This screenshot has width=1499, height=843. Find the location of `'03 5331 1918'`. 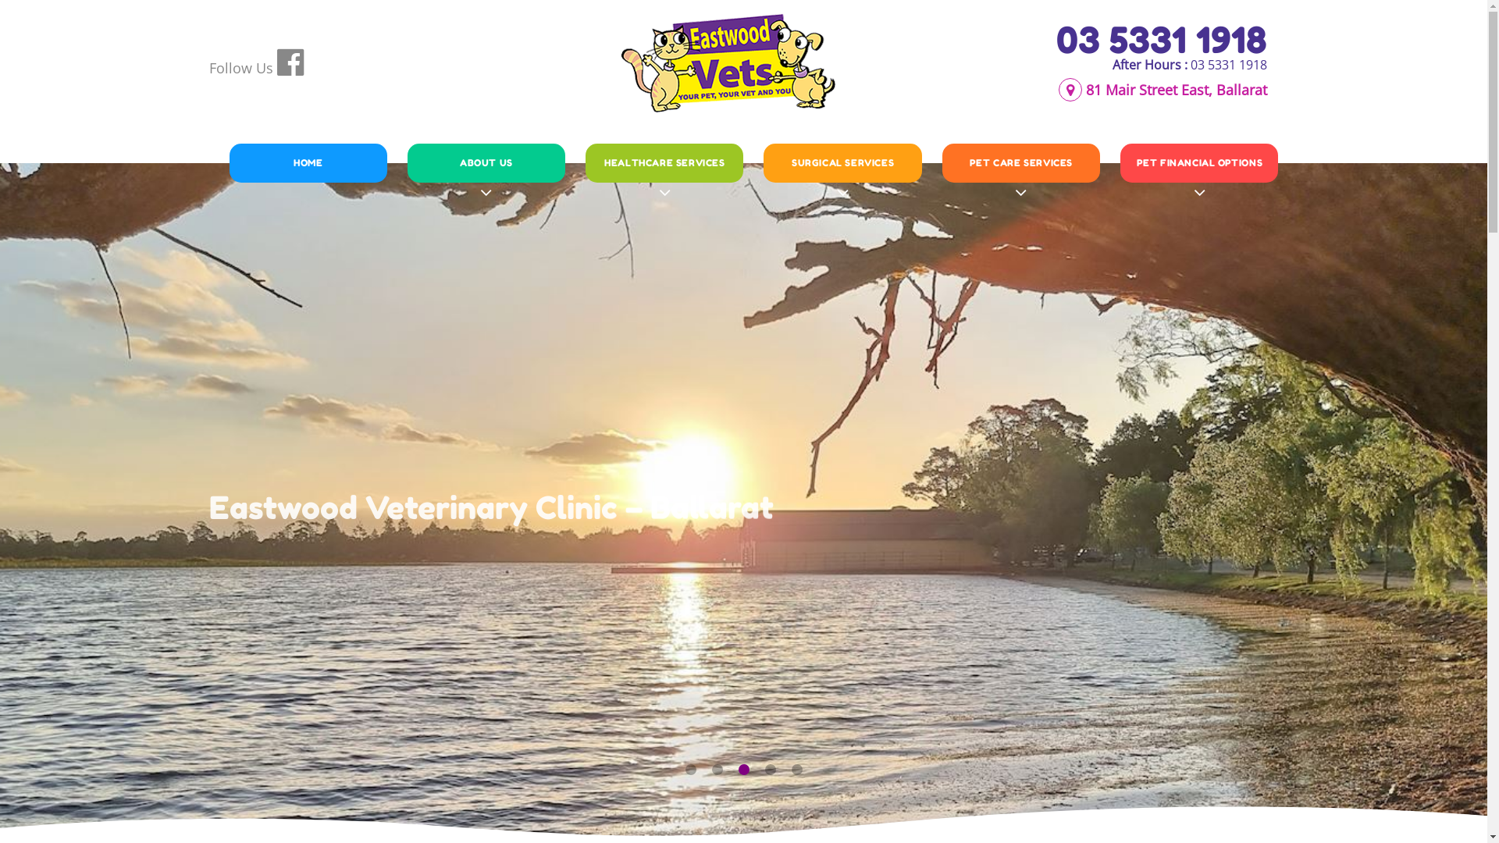

'03 5331 1918' is located at coordinates (1188, 64).